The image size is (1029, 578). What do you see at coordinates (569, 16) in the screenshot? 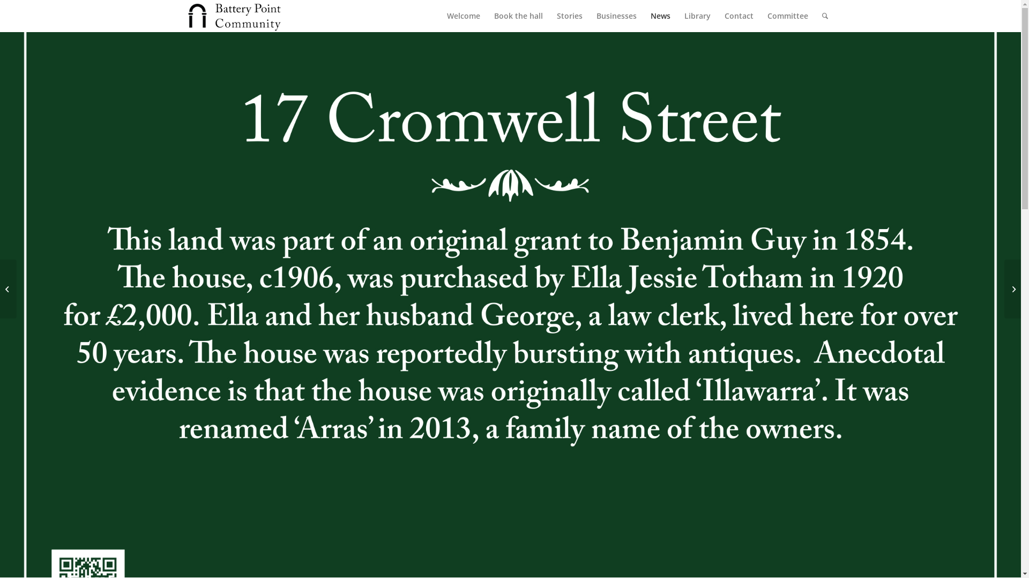
I see `'Stories'` at bounding box center [569, 16].